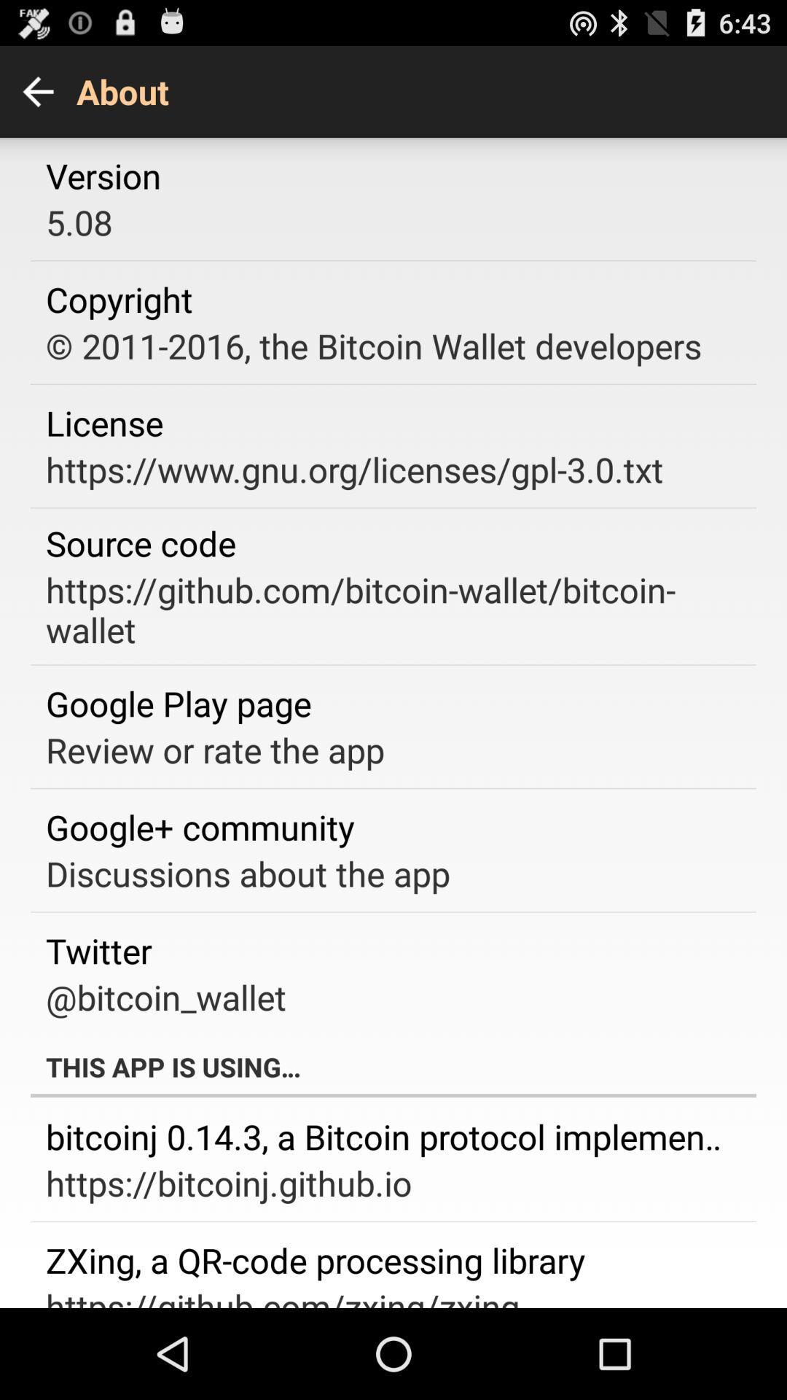  What do you see at coordinates (247, 874) in the screenshot?
I see `the discussions about the` at bounding box center [247, 874].